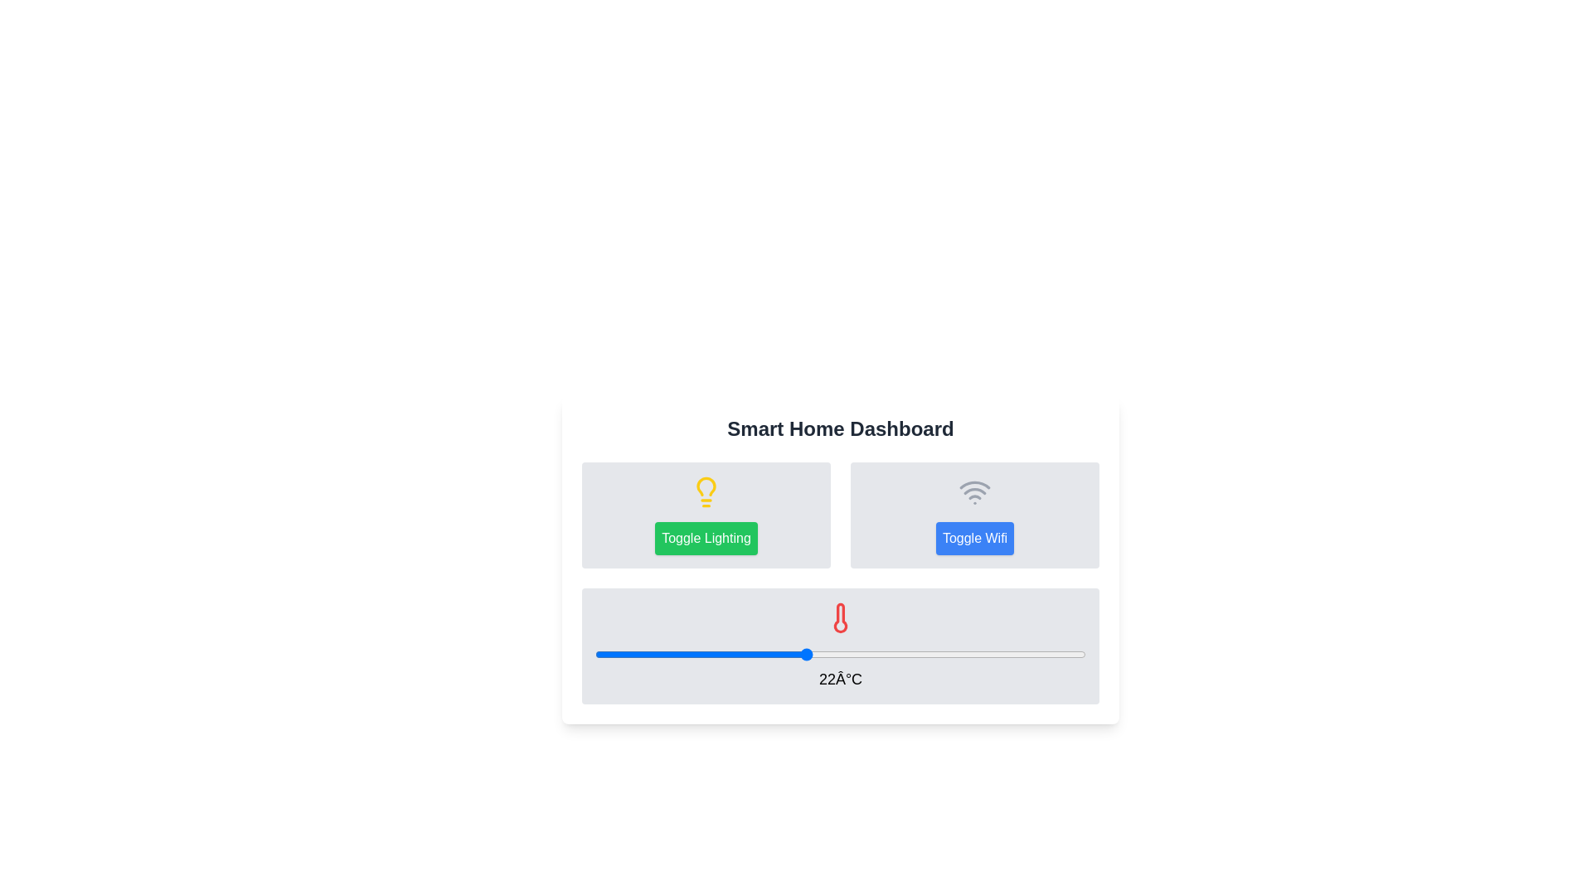  Describe the element at coordinates (840, 617) in the screenshot. I see `the red-colored thermometer icon, which has a bulb-like shape at the bottom and is located just above the slider bar and temperature text reading '22°C'` at that location.